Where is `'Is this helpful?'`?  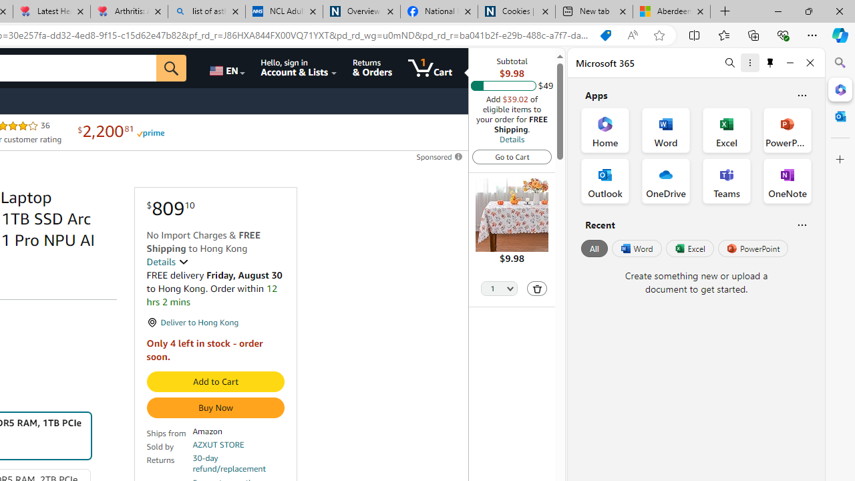 'Is this helpful?' is located at coordinates (802, 224).